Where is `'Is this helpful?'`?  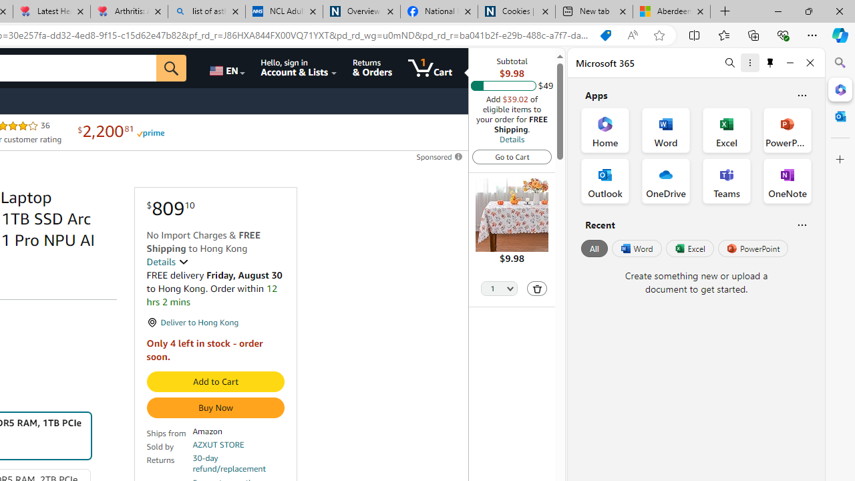 'Is this helpful?' is located at coordinates (802, 224).